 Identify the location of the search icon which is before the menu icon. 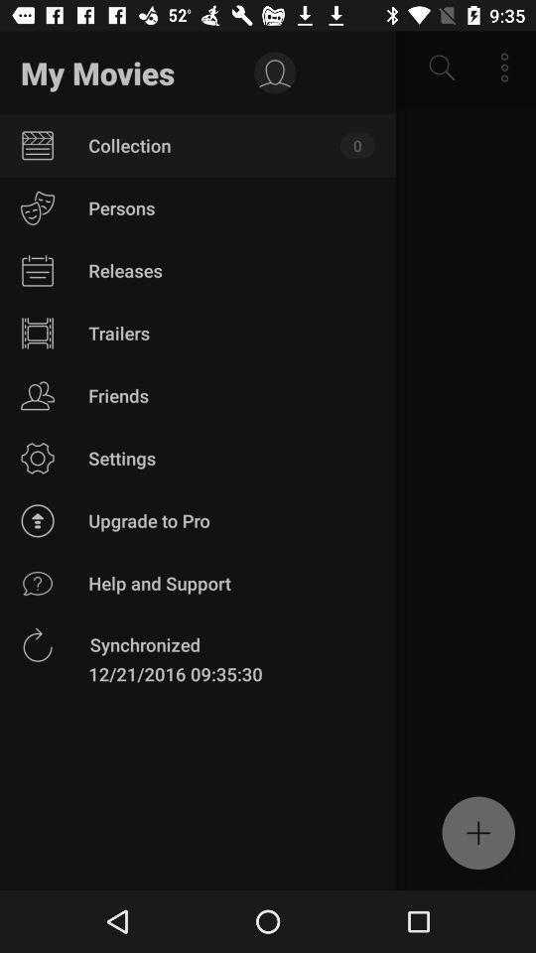
(442, 68).